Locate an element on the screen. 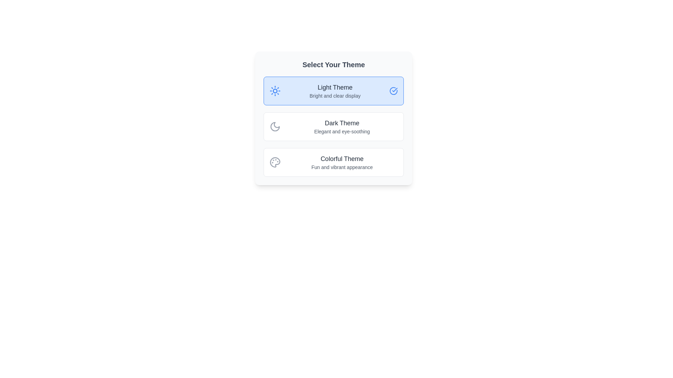 Image resolution: width=673 pixels, height=378 pixels. the circular checkmark icon with a blue border is located at coordinates (394, 90).